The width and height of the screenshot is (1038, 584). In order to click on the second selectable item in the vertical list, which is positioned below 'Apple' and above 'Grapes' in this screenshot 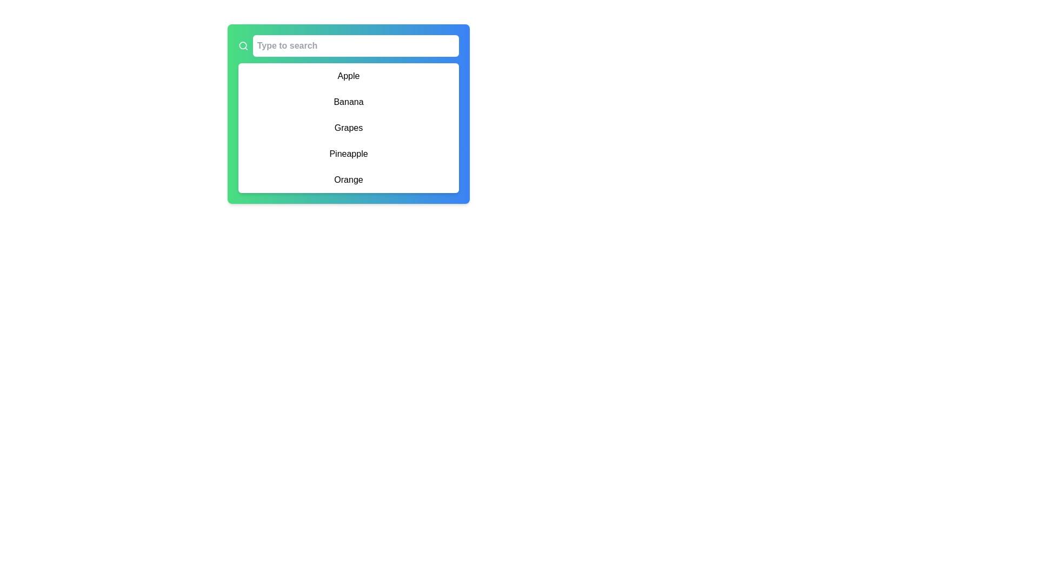, I will do `click(348, 102)`.